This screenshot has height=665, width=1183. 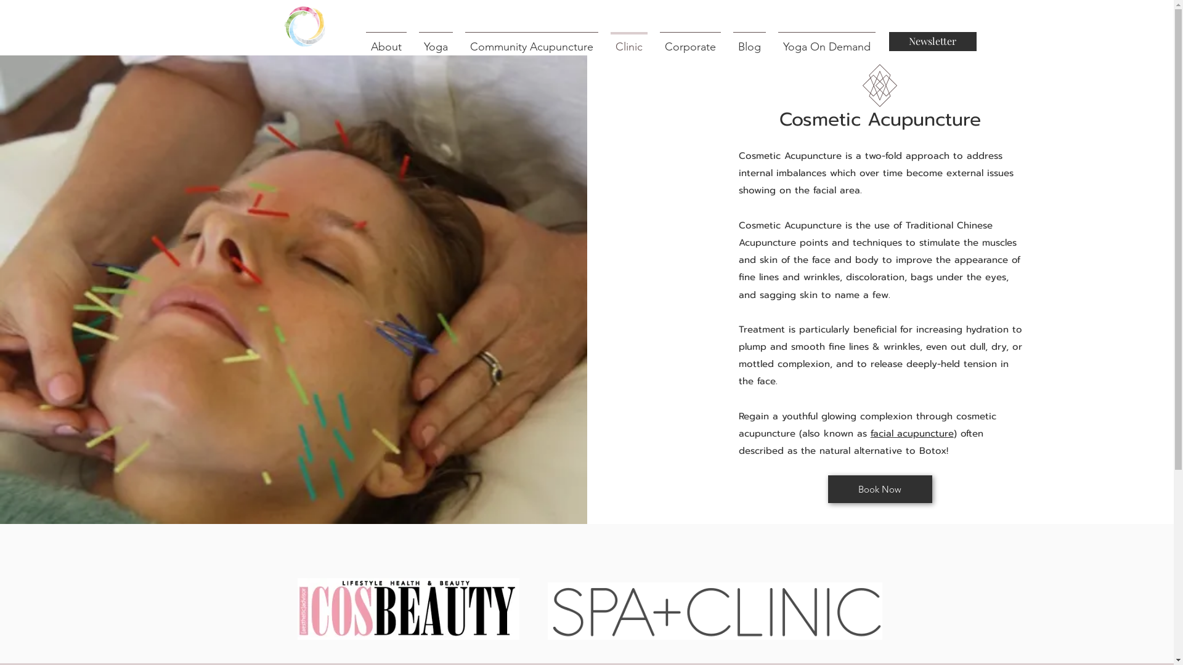 I want to click on 'facial acupuncture', so click(x=912, y=433).